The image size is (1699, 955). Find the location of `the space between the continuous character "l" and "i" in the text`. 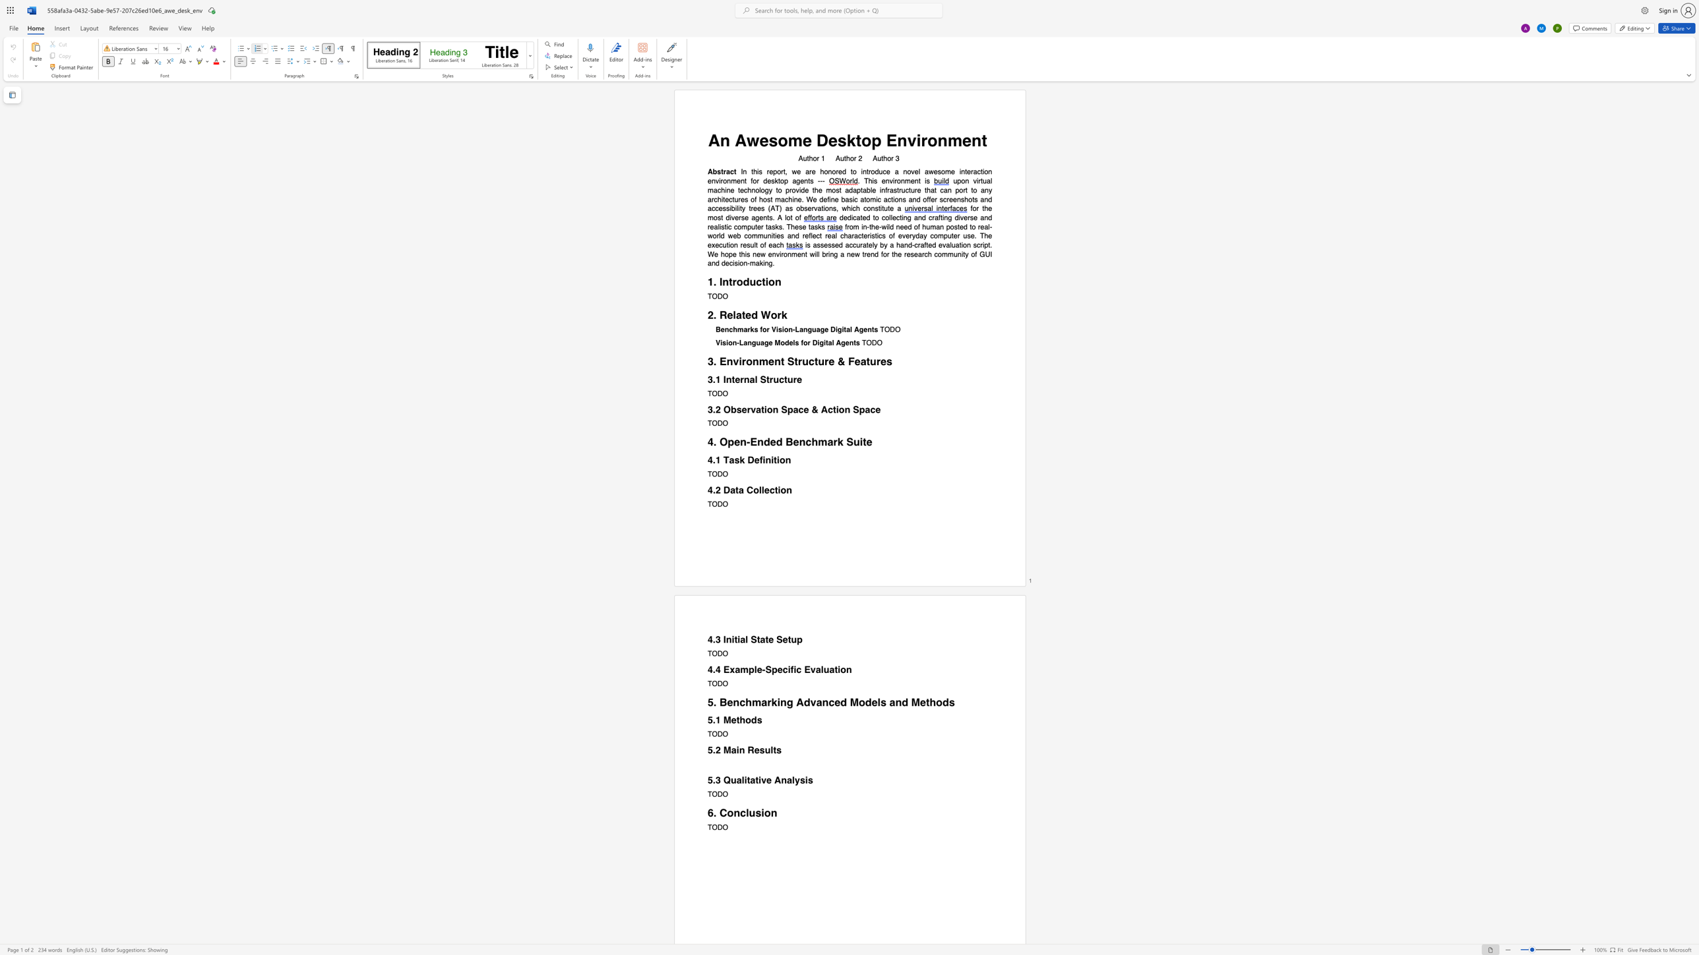

the space between the continuous character "l" and "i" in the text is located at coordinates (744, 780).